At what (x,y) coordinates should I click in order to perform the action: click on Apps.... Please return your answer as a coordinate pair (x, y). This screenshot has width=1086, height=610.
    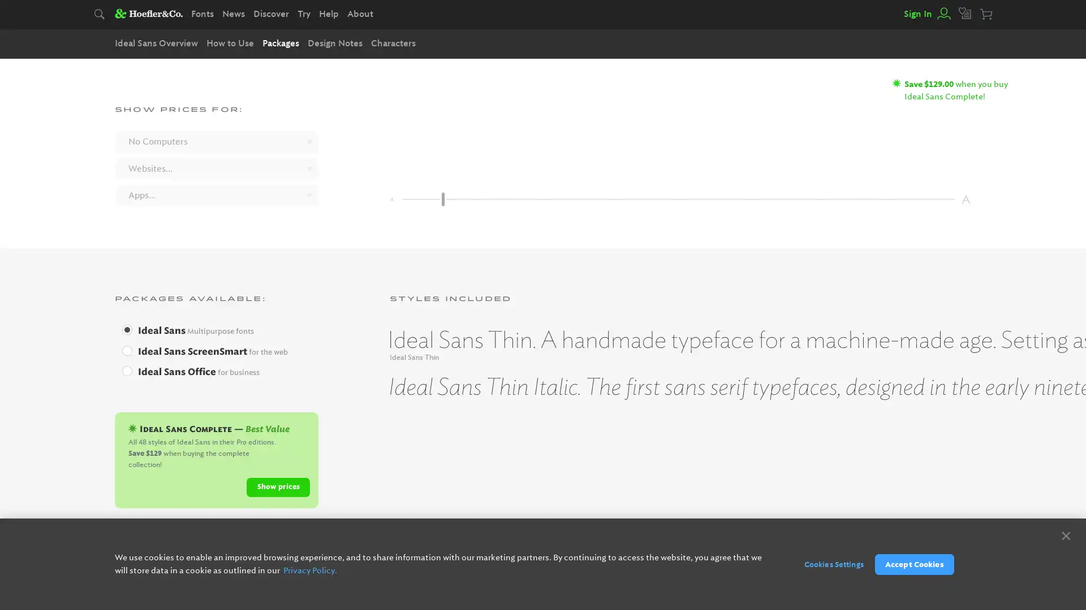
    Looking at the image, I should click on (217, 195).